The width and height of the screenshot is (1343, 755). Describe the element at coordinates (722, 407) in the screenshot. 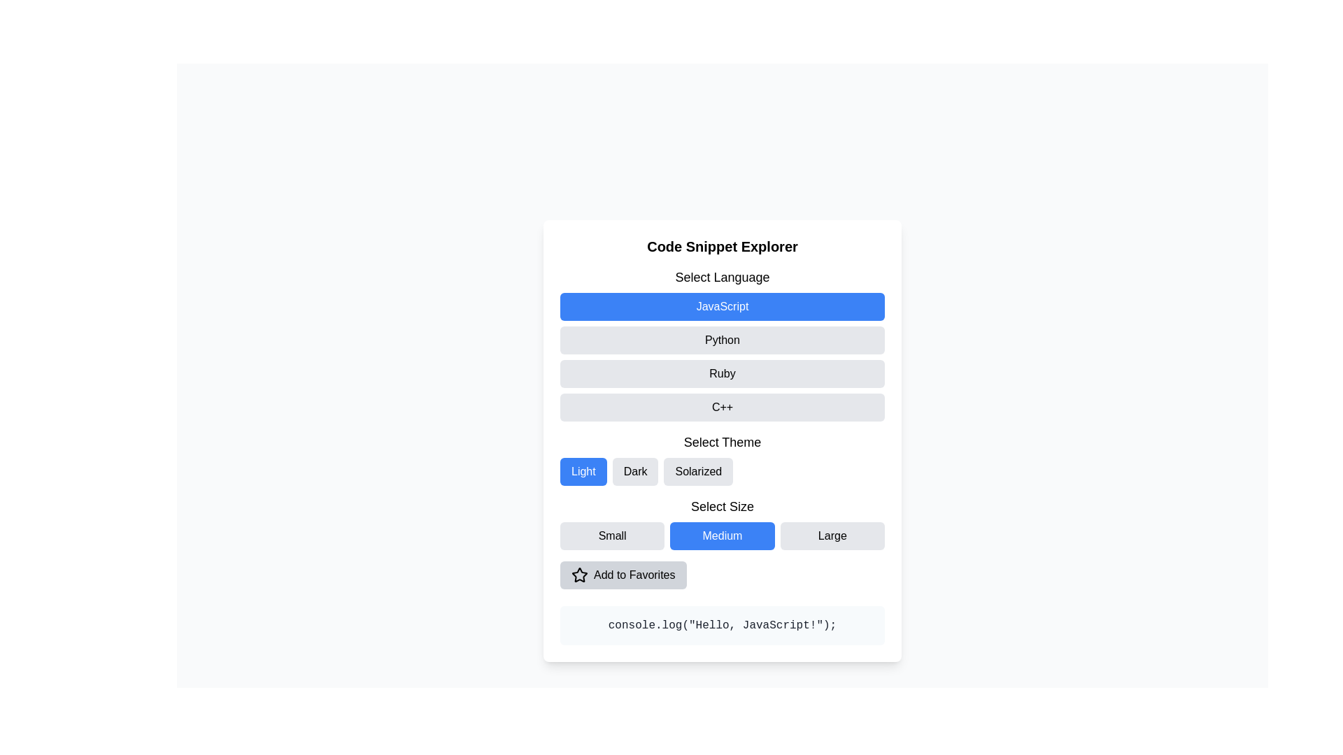

I see `the fourth button labeled 'C++' in the vertical list under 'Select Language'` at that location.